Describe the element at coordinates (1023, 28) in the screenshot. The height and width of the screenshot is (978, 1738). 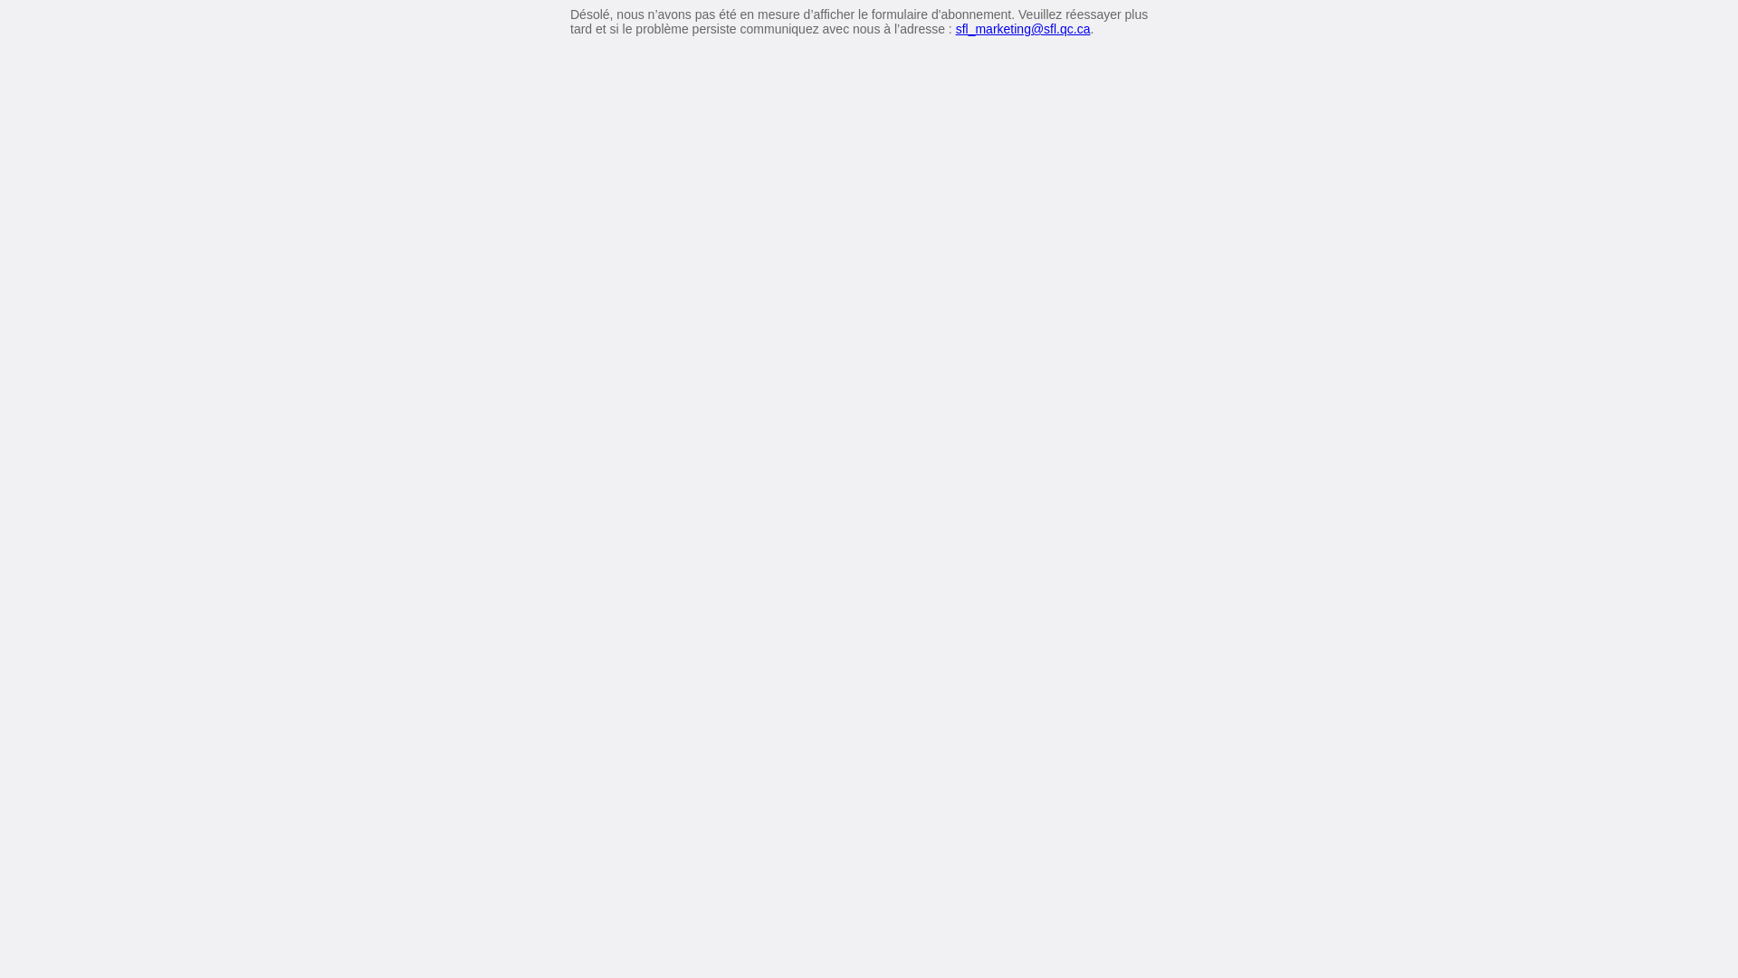
I see `'sfl_marketing@sfl.qc.ca'` at that location.